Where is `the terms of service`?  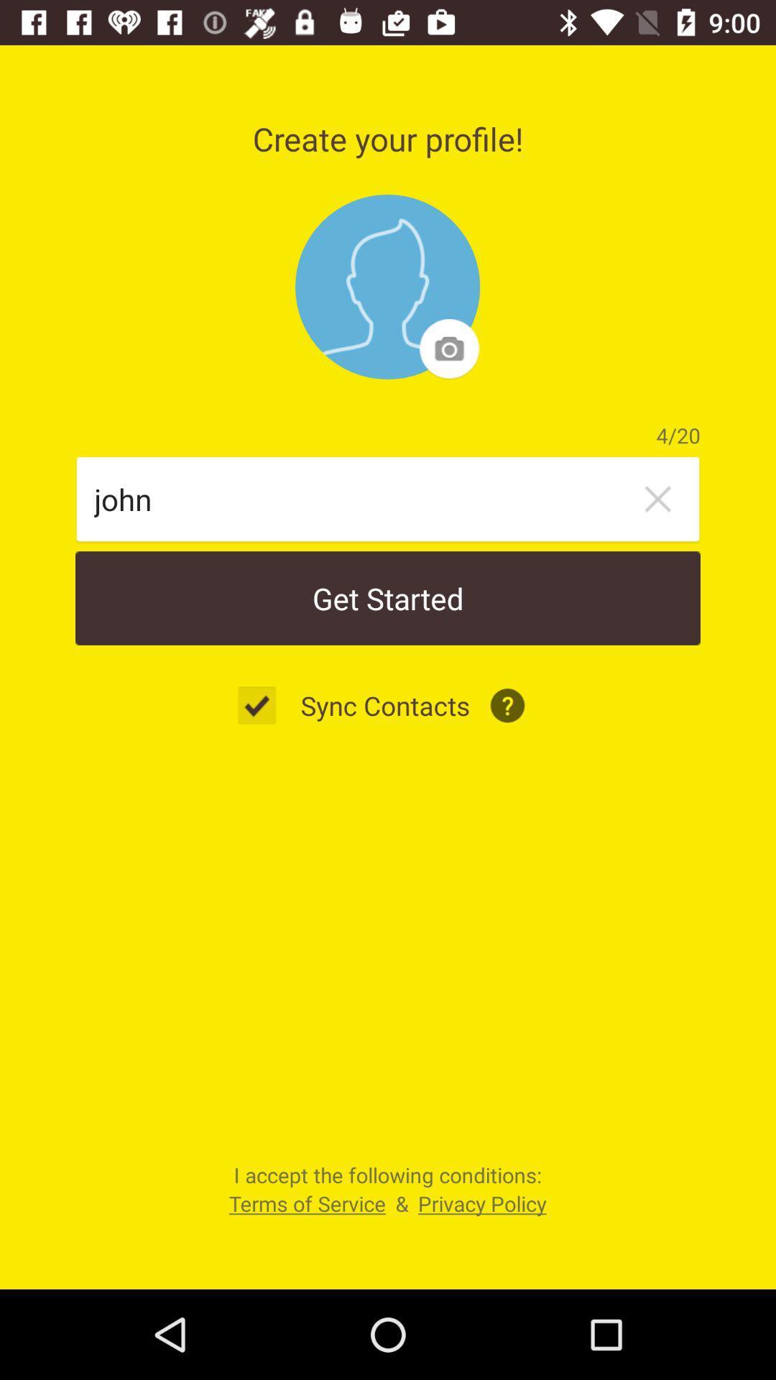
the terms of service is located at coordinates (306, 1203).